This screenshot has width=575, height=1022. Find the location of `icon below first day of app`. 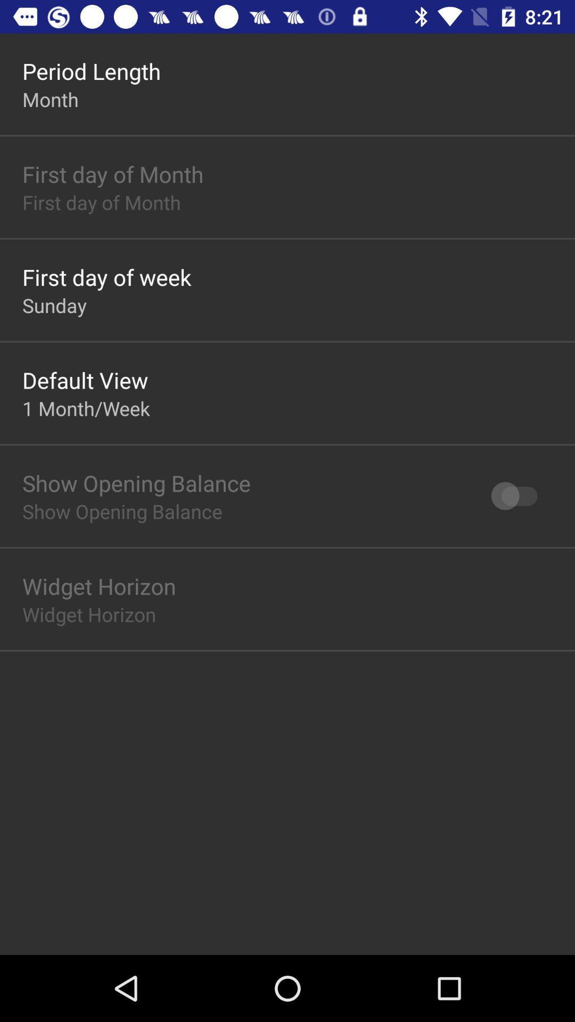

icon below first day of app is located at coordinates (54, 304).